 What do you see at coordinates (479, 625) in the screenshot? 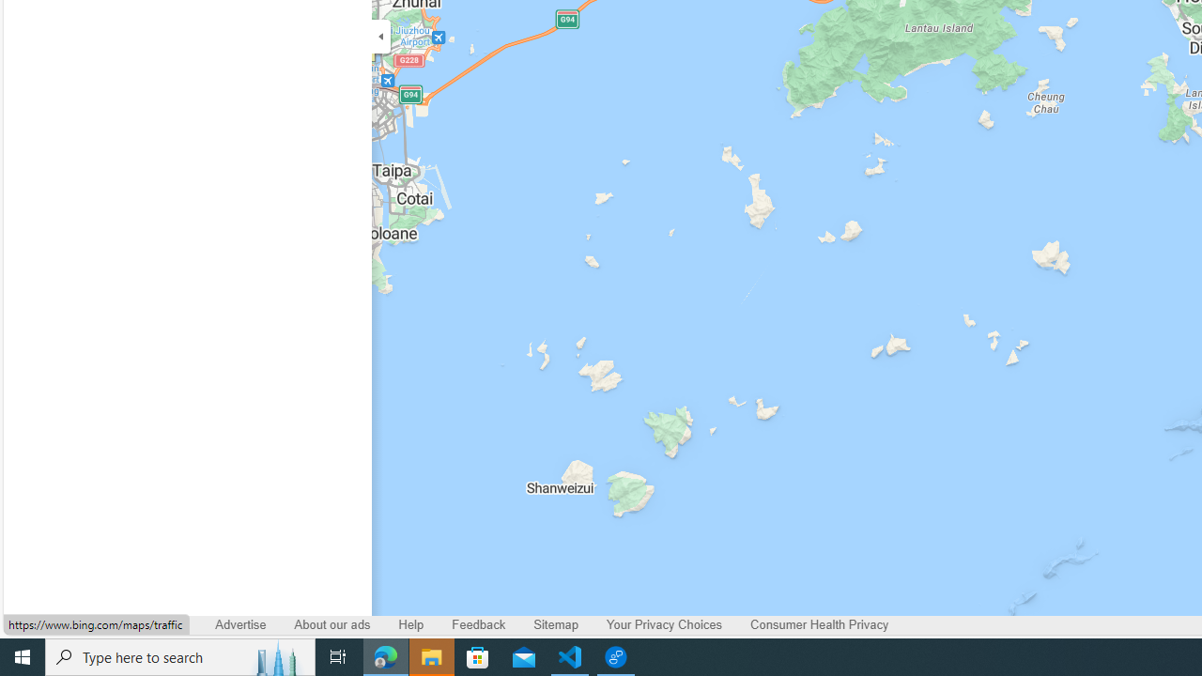
I see `'Feedback'` at bounding box center [479, 625].